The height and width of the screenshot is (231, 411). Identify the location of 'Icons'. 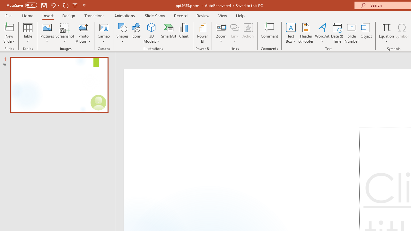
(136, 33).